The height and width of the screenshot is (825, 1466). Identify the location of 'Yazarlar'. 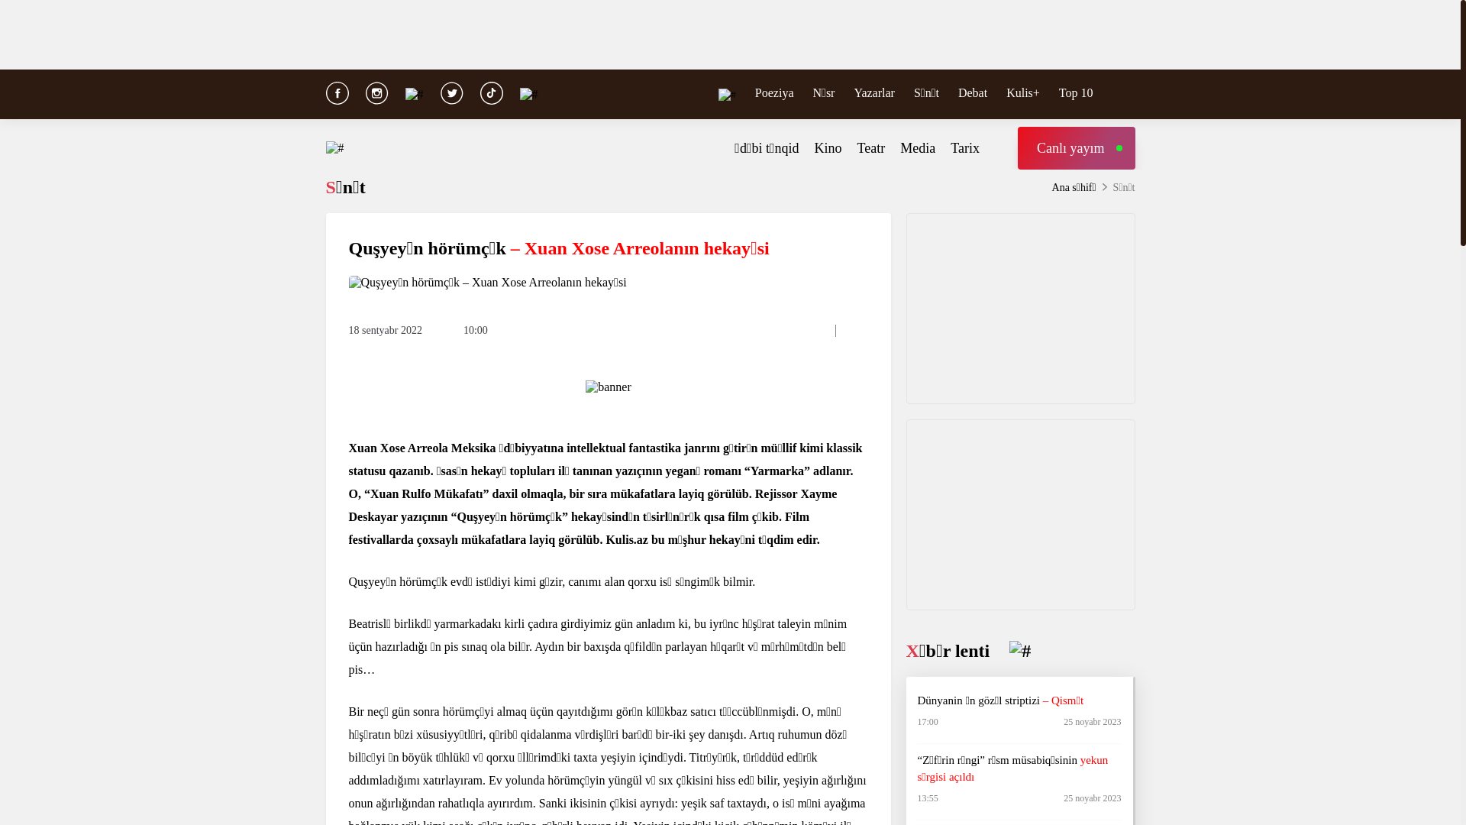
(873, 92).